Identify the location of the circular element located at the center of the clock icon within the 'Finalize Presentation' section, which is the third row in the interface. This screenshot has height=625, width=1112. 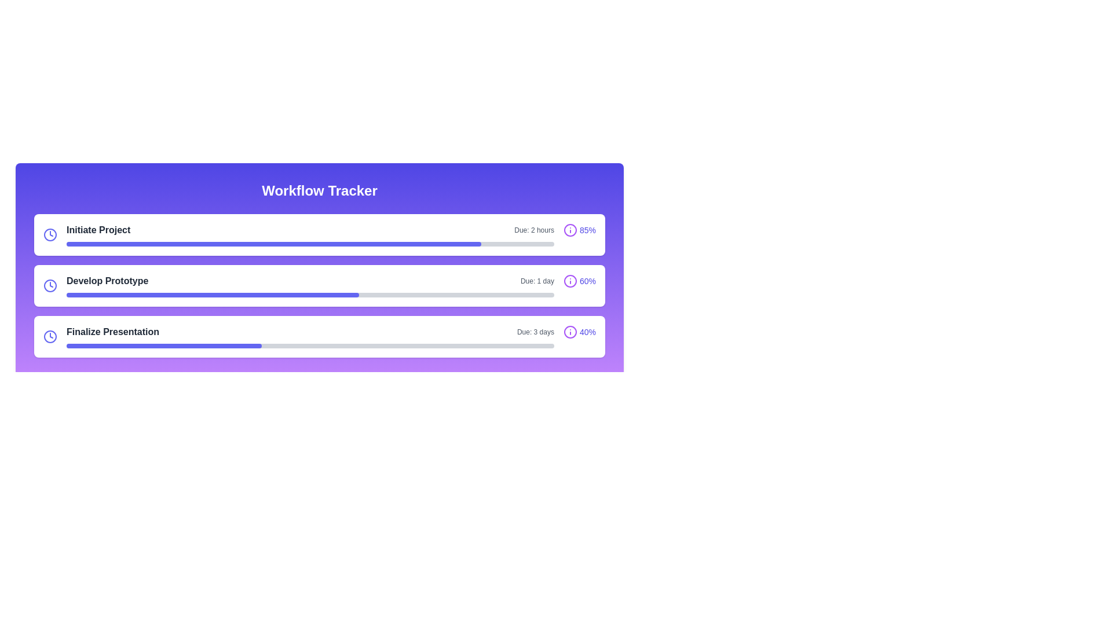
(49, 337).